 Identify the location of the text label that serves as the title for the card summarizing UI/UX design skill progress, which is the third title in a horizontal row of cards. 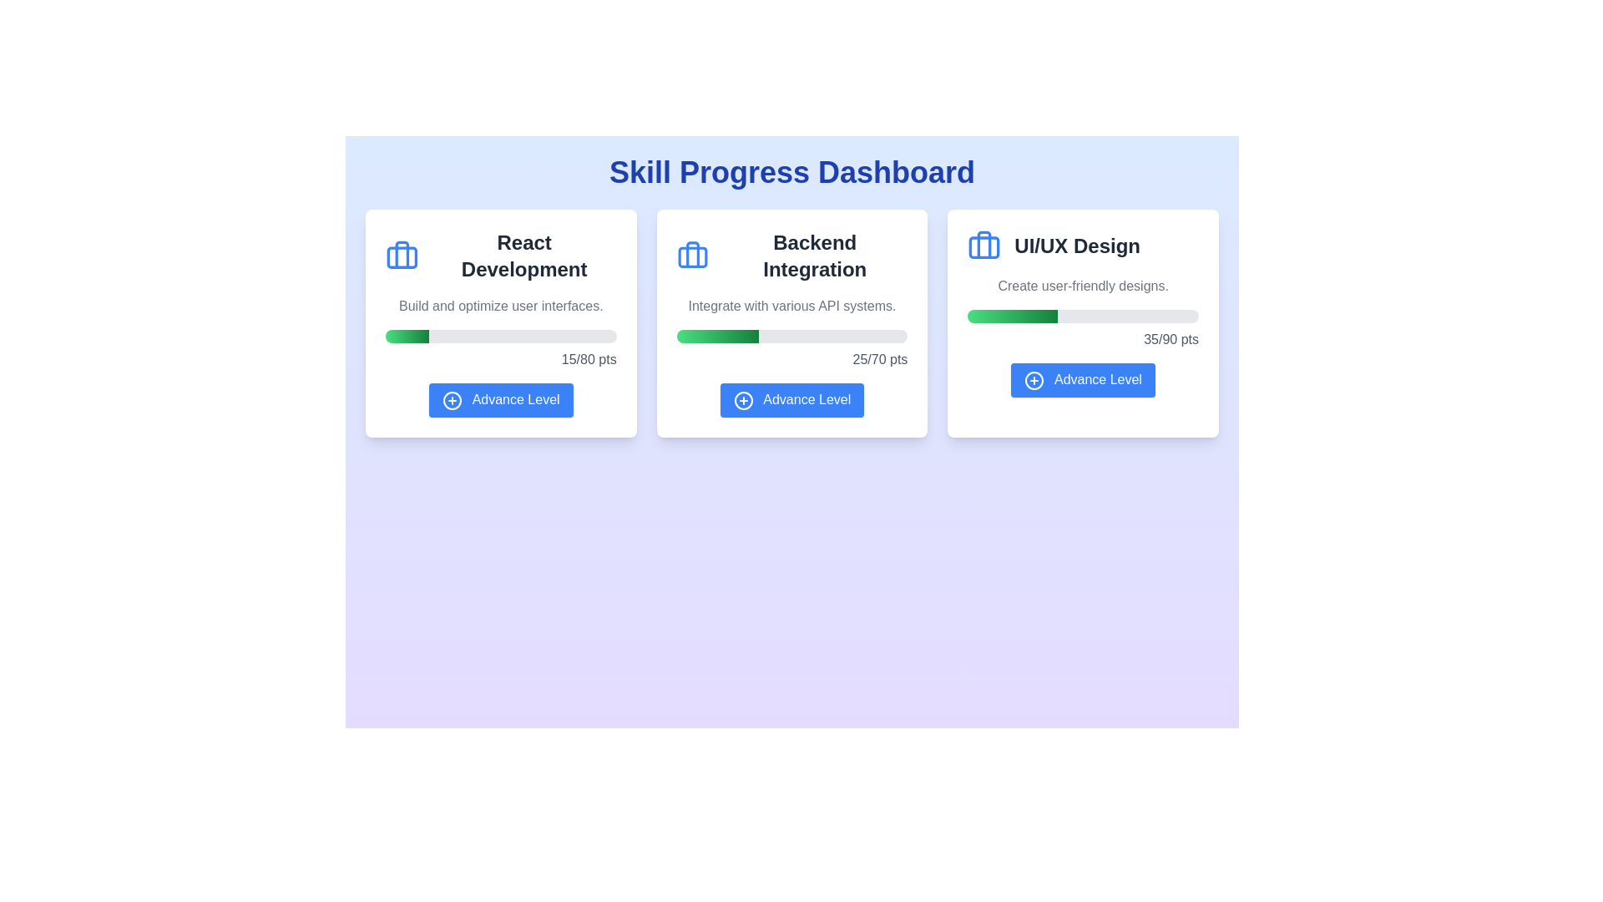
(1077, 246).